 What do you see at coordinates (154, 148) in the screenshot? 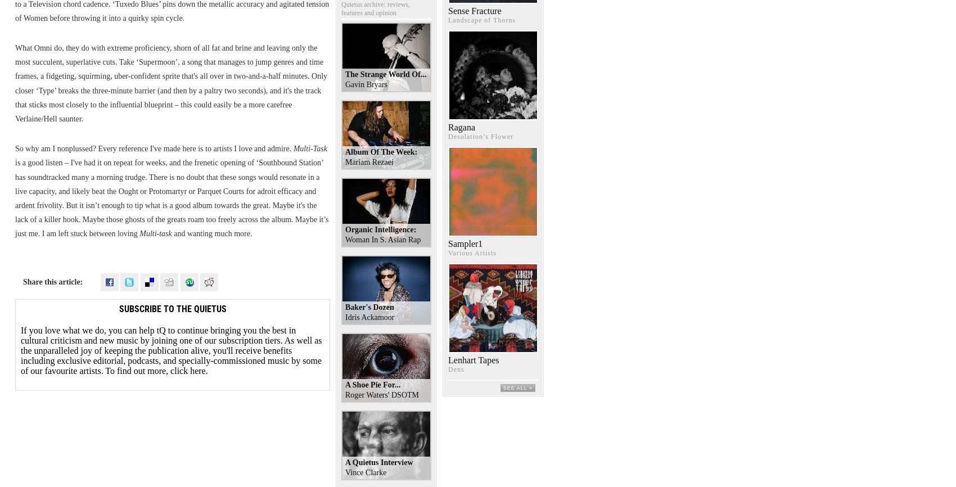
I see `'So why am I nonplussed? Every reference I've made here is to artists I love and admire.'` at bounding box center [154, 148].